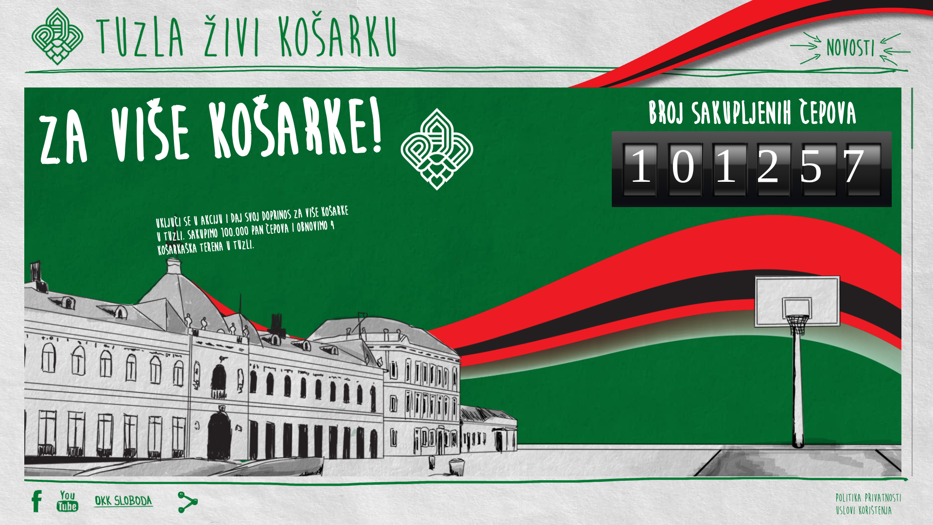 The width and height of the screenshot is (933, 525). What do you see at coordinates (834, 495) in the screenshot?
I see `'Politika privatnosti'` at bounding box center [834, 495].